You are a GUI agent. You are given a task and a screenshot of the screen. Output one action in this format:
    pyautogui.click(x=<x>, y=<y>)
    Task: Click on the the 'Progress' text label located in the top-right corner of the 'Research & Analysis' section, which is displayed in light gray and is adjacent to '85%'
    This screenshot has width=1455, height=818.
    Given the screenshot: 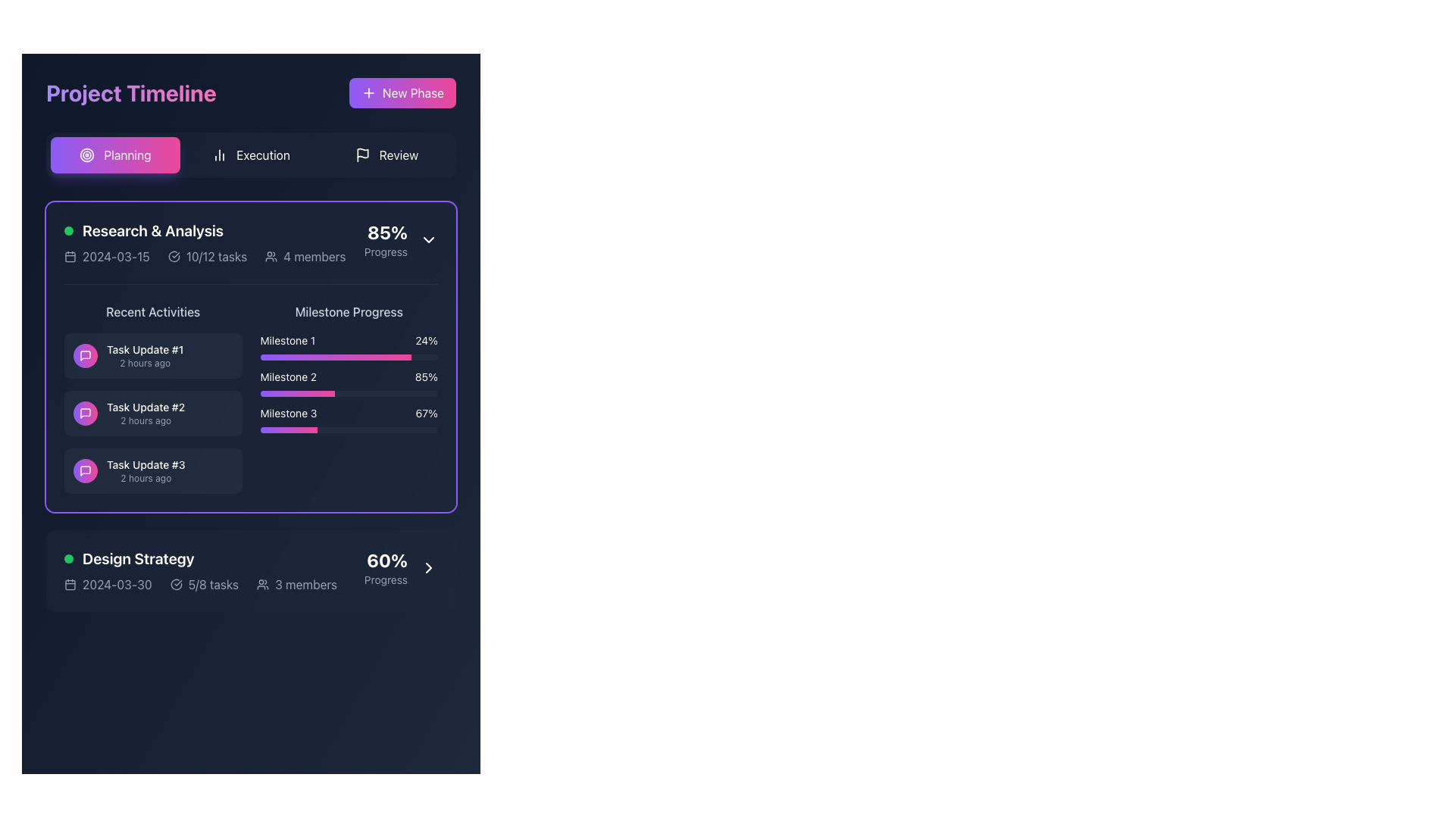 What is the action you would take?
    pyautogui.click(x=386, y=251)
    